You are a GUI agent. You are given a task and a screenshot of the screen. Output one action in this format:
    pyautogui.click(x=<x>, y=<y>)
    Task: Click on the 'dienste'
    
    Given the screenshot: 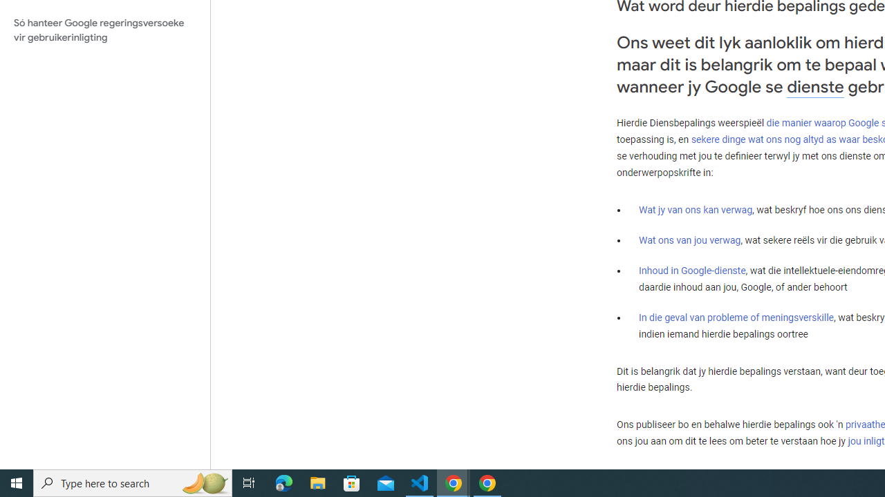 What is the action you would take?
    pyautogui.click(x=815, y=86)
    